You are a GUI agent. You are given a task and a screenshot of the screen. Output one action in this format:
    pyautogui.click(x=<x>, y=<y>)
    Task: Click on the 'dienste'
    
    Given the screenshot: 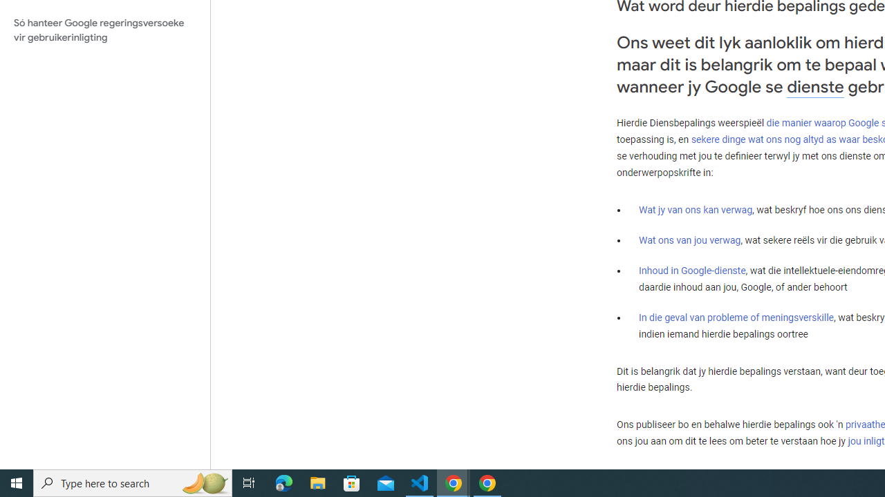 What is the action you would take?
    pyautogui.click(x=815, y=86)
    